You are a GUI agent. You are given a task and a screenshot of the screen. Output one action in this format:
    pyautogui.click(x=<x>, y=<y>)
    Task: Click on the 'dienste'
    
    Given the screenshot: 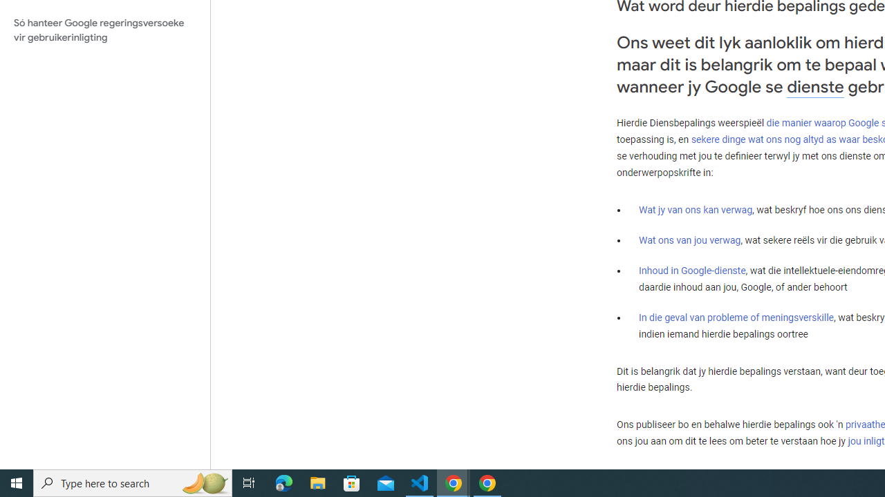 What is the action you would take?
    pyautogui.click(x=815, y=86)
    